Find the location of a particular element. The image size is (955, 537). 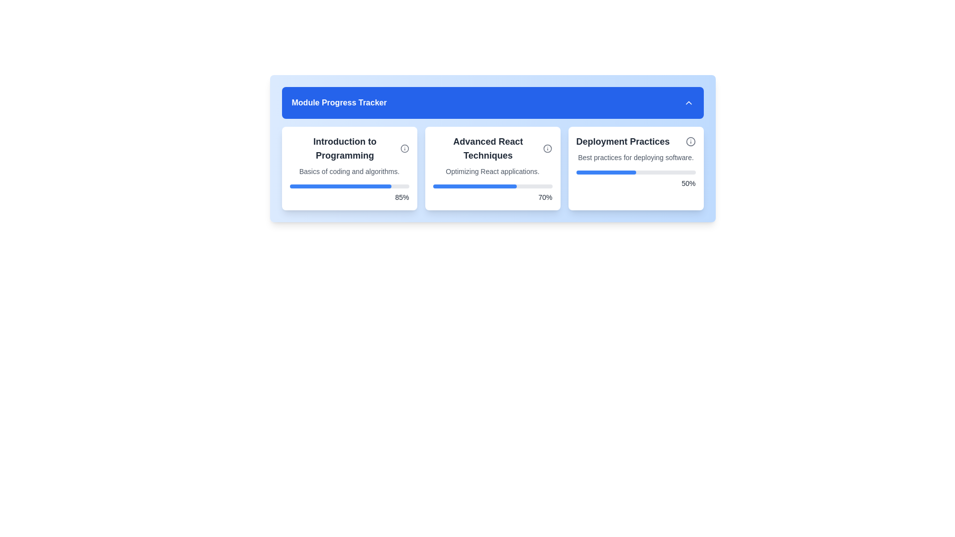

text component providing a brief description of the topic 'Deployment Practices,' located vertically below the title and centered within its card structure is located at coordinates (635, 157).